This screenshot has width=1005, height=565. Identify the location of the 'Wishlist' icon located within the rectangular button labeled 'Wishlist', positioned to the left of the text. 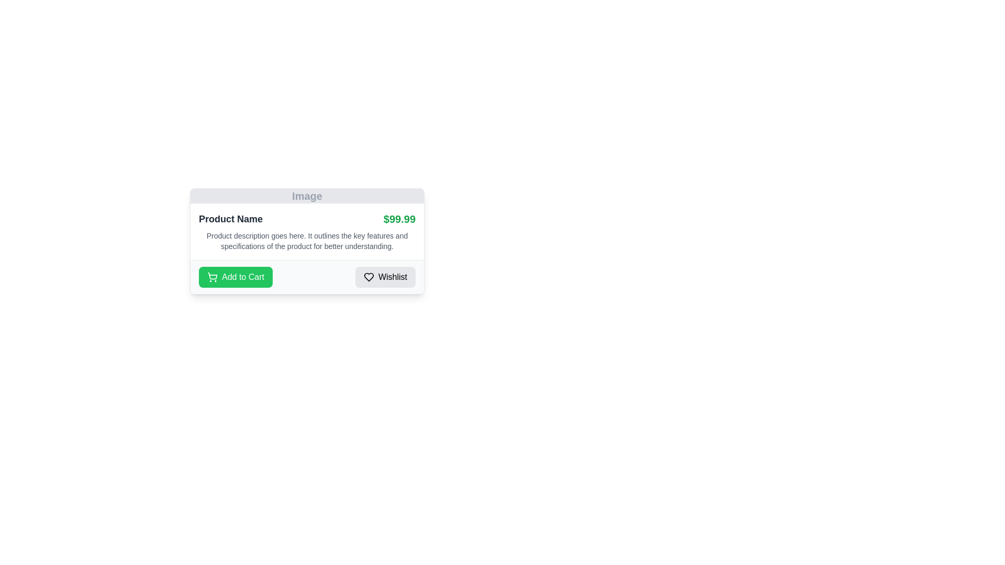
(368, 276).